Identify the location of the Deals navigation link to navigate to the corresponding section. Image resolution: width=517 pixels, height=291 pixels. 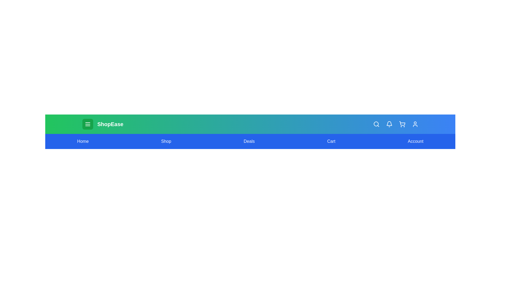
(249, 141).